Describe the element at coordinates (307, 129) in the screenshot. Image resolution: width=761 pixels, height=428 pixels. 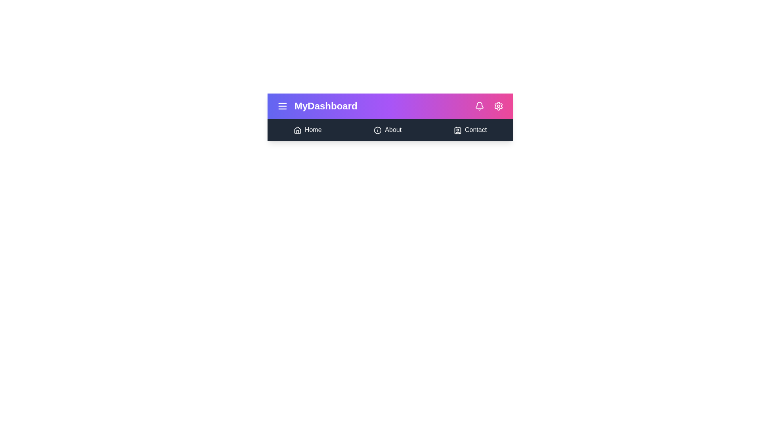
I see `the 'Home' navigation link` at that location.